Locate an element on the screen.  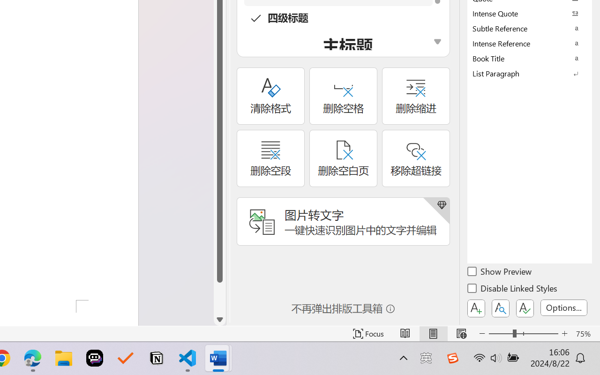
'Book Title' is located at coordinates (530, 58).